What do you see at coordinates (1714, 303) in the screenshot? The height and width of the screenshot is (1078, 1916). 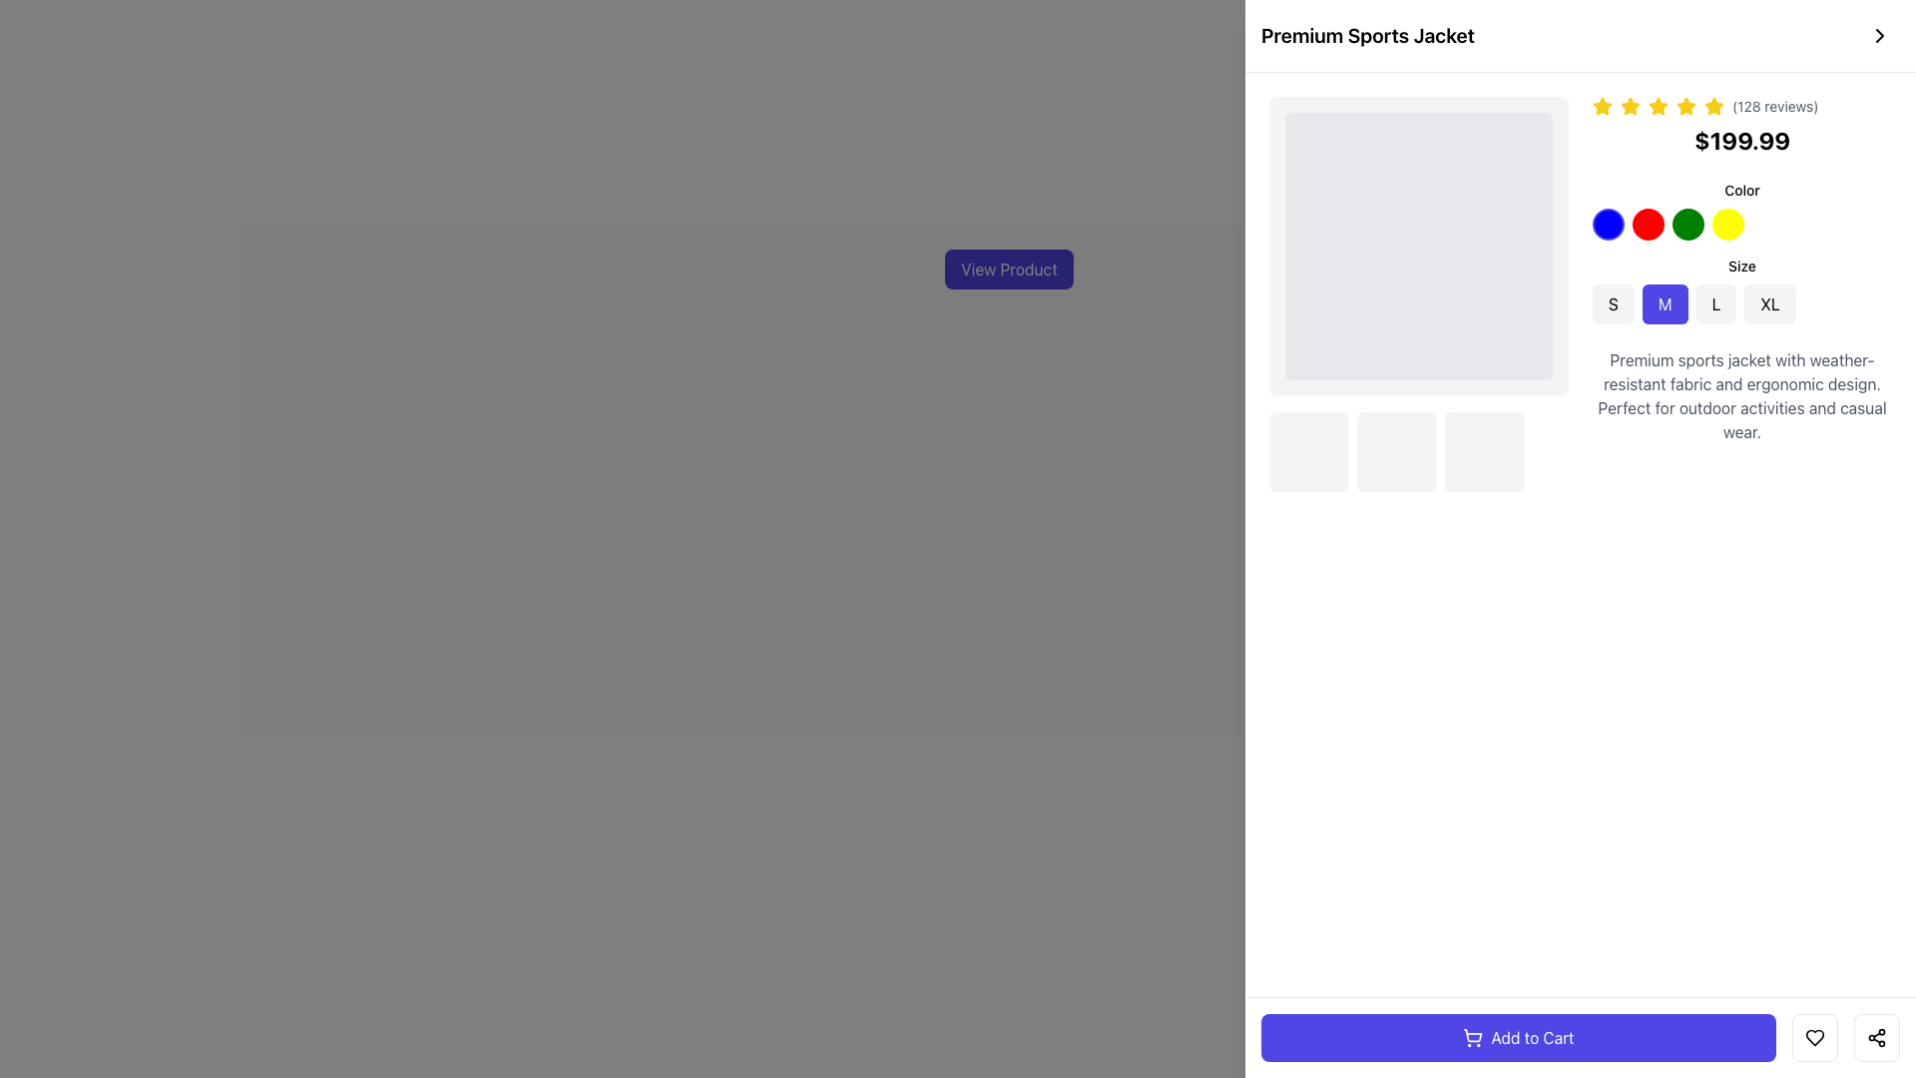 I see `the size selection button labeled 'L', which is a rectangular gray button located to the right of the product description section, positioned between the 'M' and 'XL' buttons` at bounding box center [1714, 303].